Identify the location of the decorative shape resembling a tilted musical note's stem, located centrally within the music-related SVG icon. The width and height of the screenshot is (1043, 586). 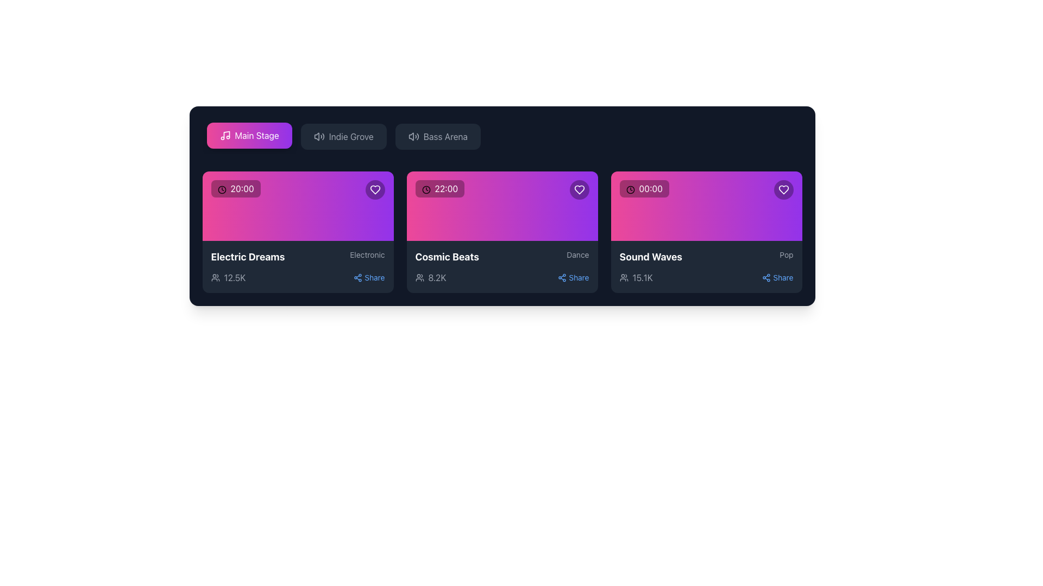
(226, 134).